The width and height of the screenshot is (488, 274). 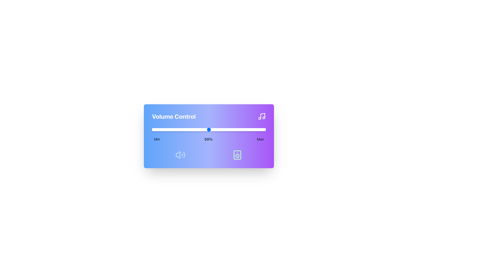 I want to click on the text label that displays 'Min', '50%', and 'Max', which is centrally positioned under the progress slider and visually distinguished by its gray color and small font size, so click(x=209, y=139).